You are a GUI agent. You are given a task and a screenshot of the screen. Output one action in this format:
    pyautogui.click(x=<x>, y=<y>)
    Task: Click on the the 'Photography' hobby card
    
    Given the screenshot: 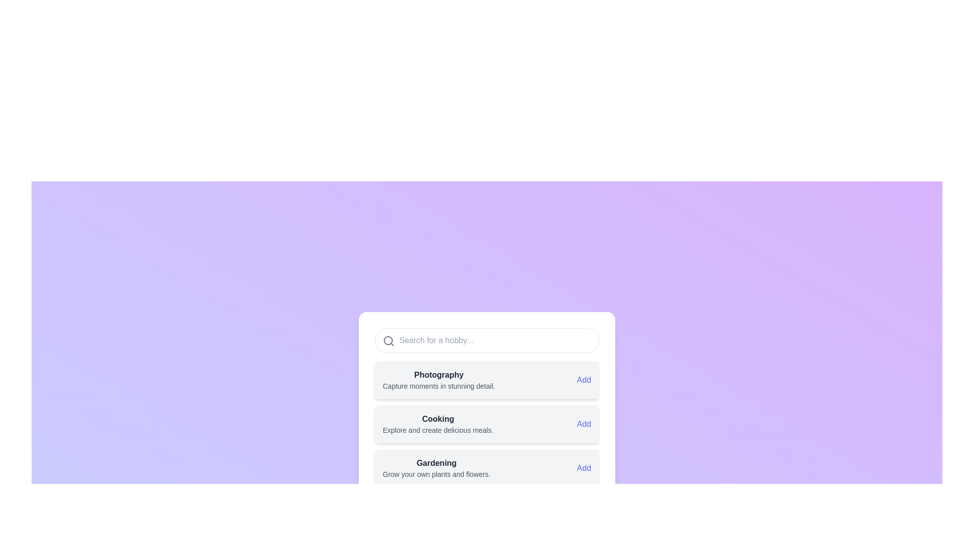 What is the action you would take?
    pyautogui.click(x=487, y=380)
    